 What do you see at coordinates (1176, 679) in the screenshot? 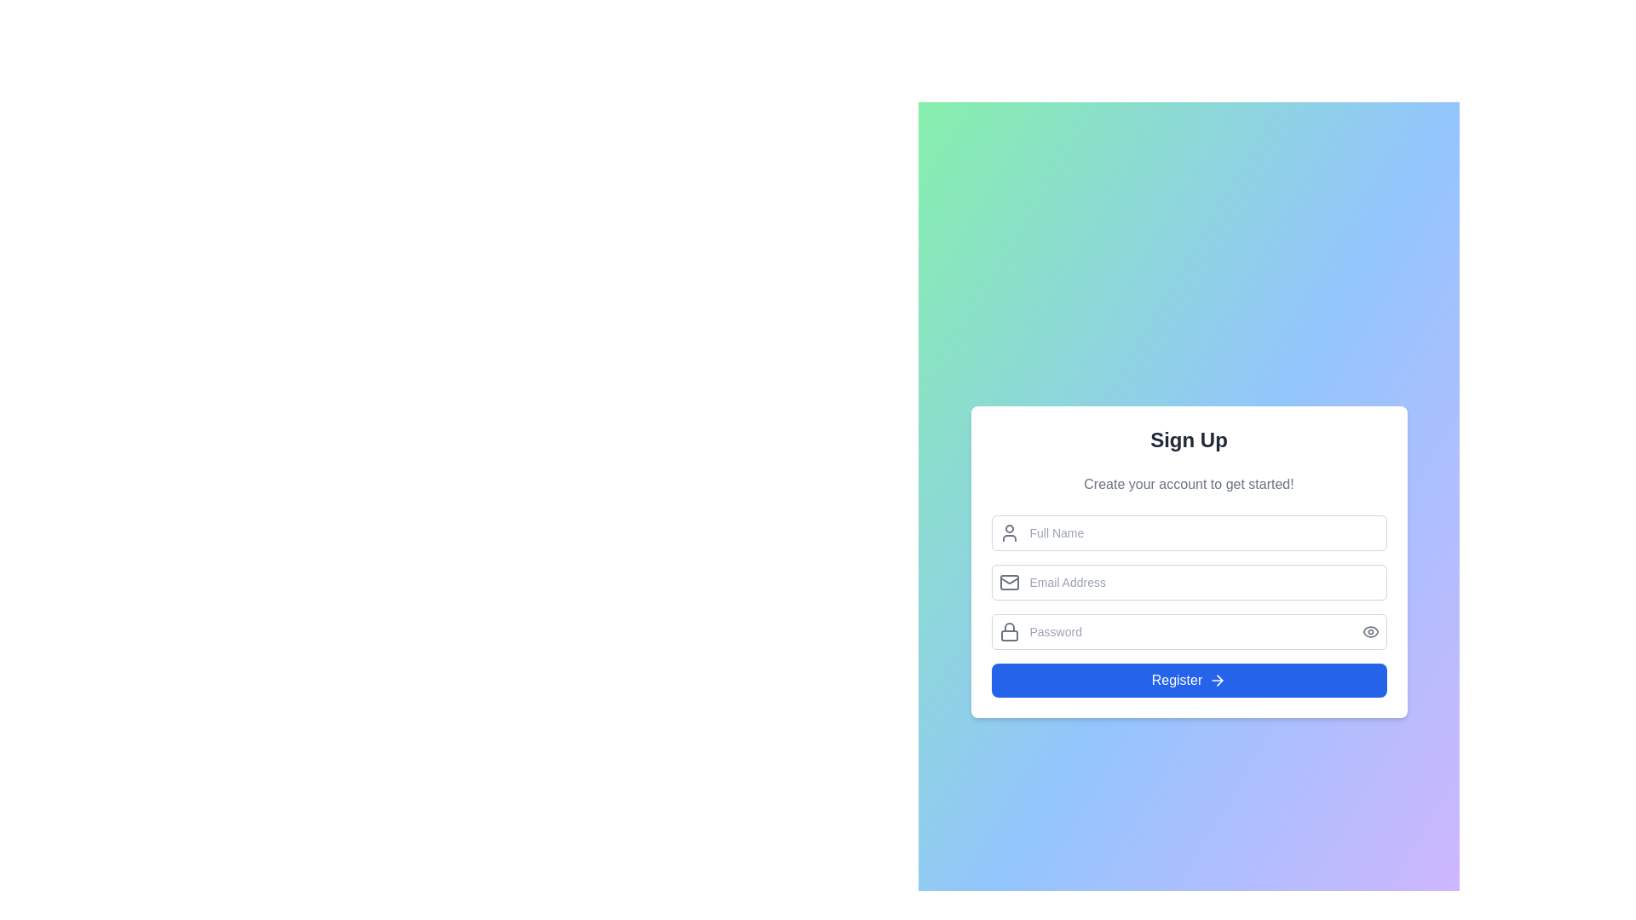
I see `the 'Register' text label which is displayed in bold white text on a blue background, centrally positioned within a button in the lower portion of the sign-up form interface` at bounding box center [1176, 679].